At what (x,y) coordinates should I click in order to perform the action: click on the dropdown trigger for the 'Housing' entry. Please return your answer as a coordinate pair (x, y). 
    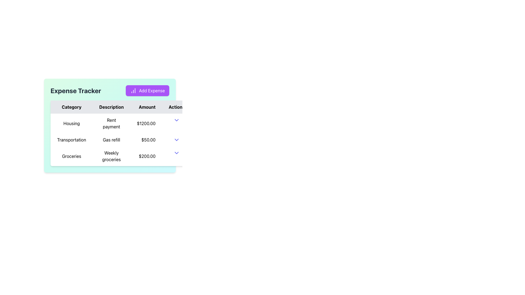
    Looking at the image, I should click on (177, 120).